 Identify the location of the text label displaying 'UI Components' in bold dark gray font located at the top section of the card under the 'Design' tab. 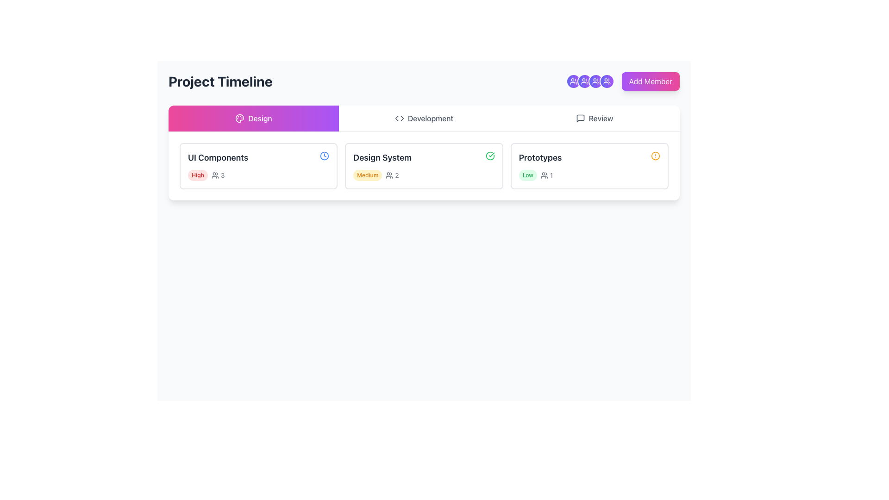
(217, 157).